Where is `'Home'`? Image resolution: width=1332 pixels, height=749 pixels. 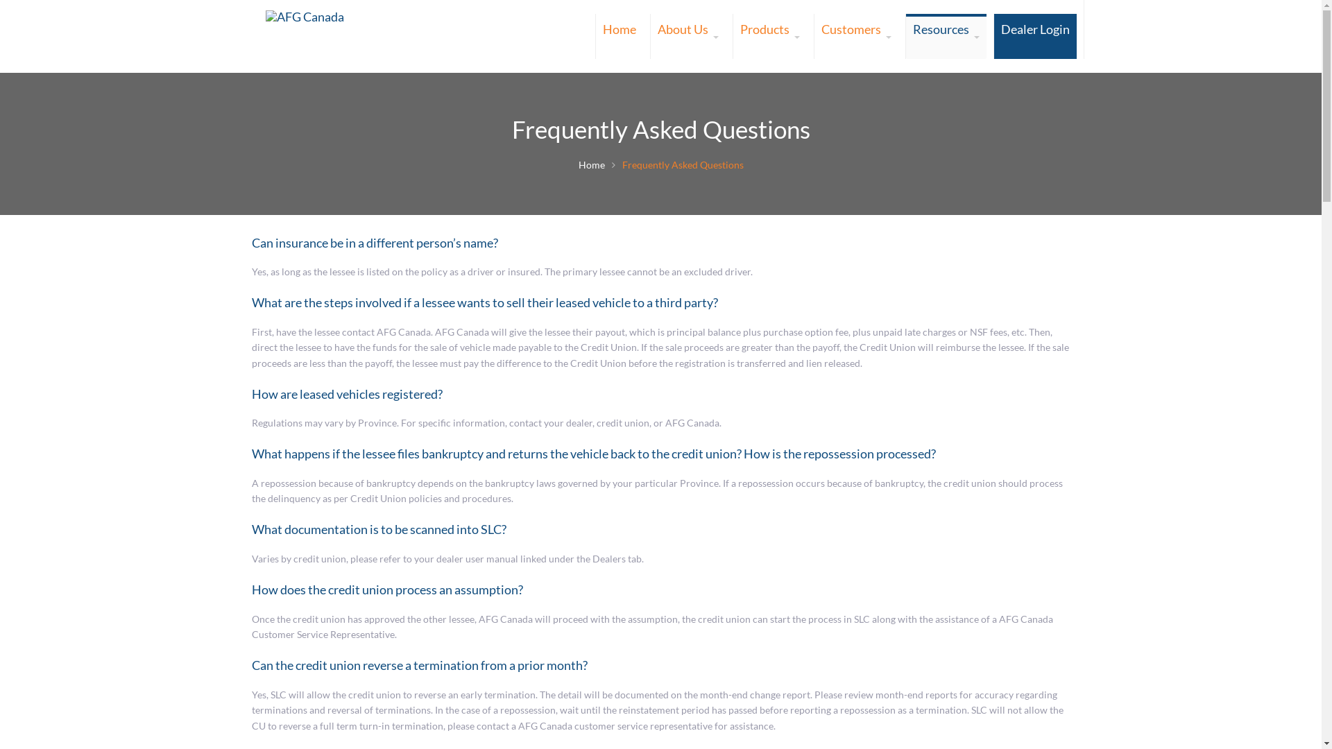 'Home' is located at coordinates (592, 164).